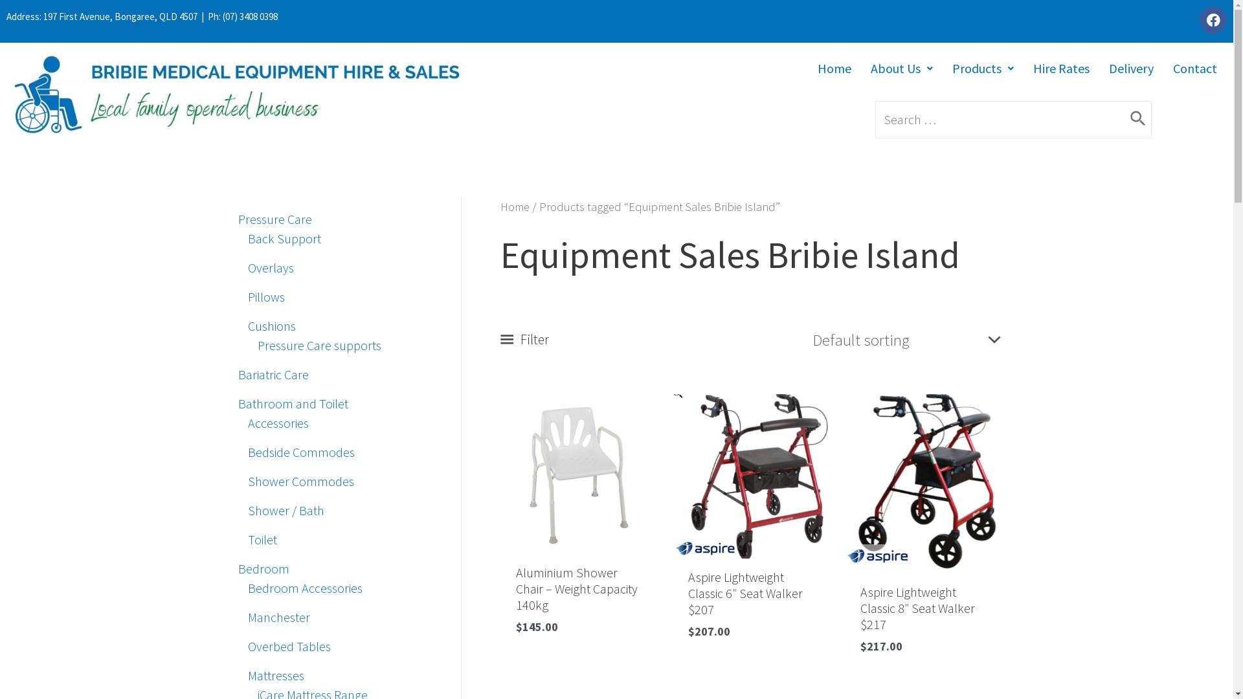 Image resolution: width=1243 pixels, height=699 pixels. I want to click on 'Pressure Care supports', so click(319, 344).